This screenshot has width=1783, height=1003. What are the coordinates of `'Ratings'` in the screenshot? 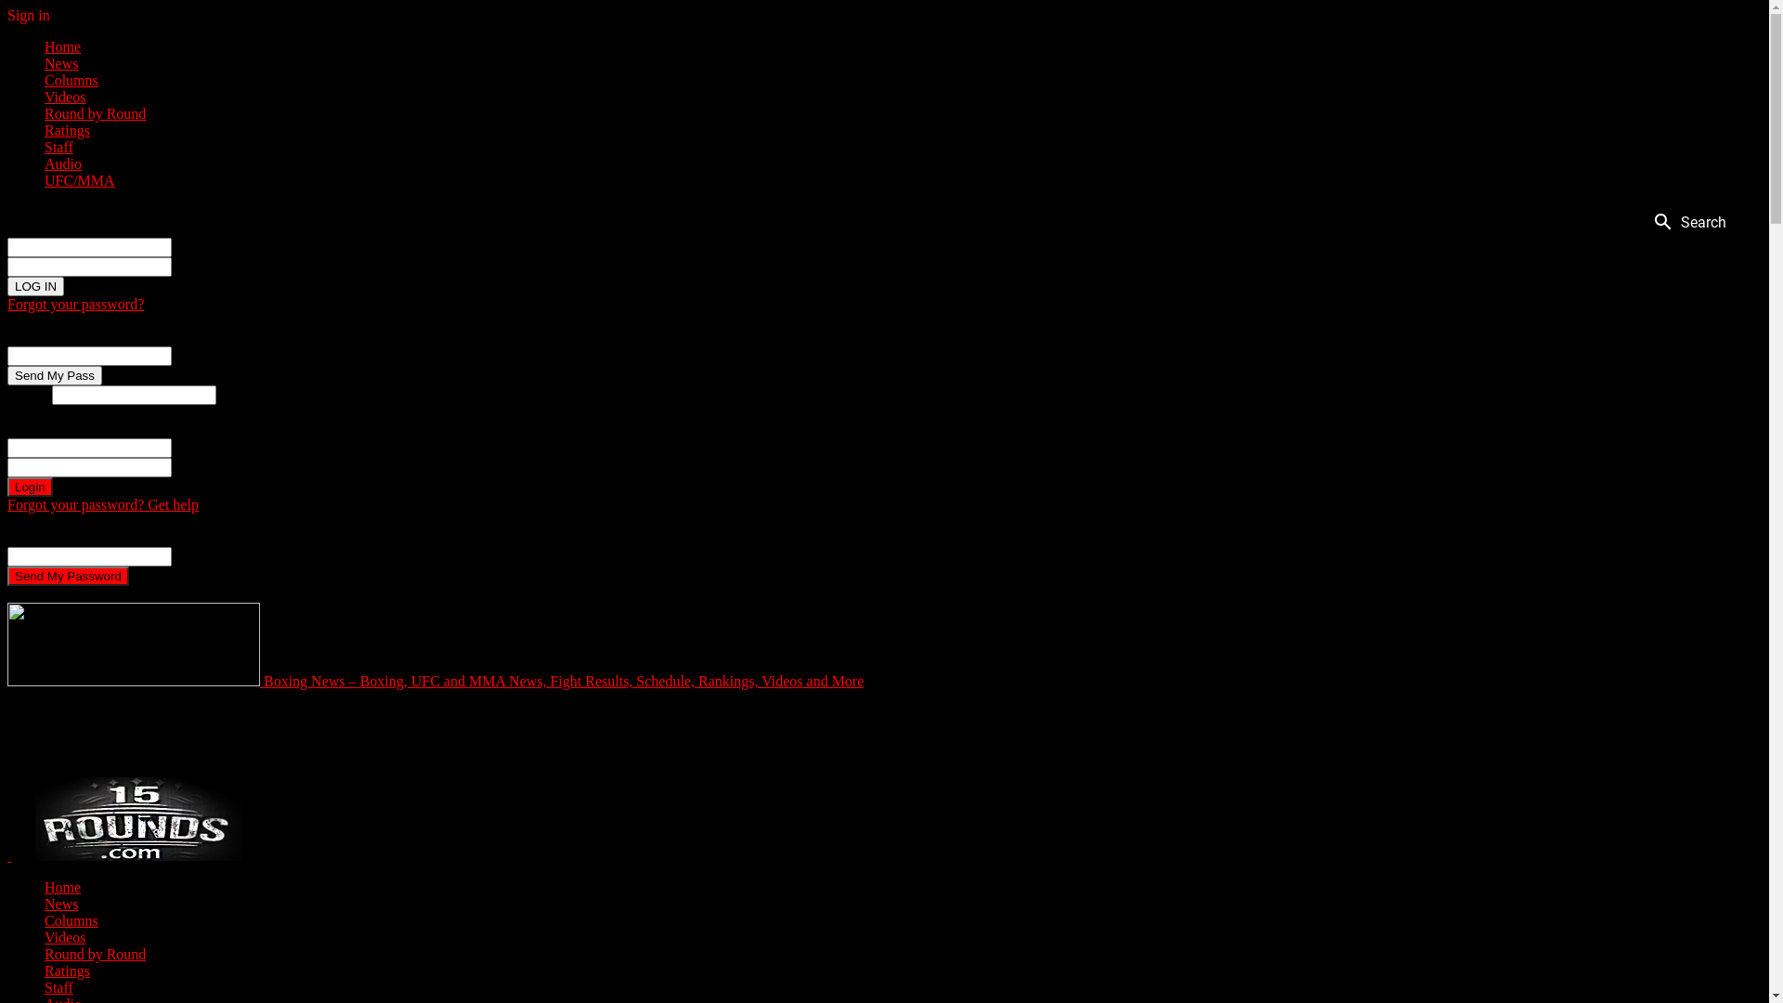 It's located at (67, 970).